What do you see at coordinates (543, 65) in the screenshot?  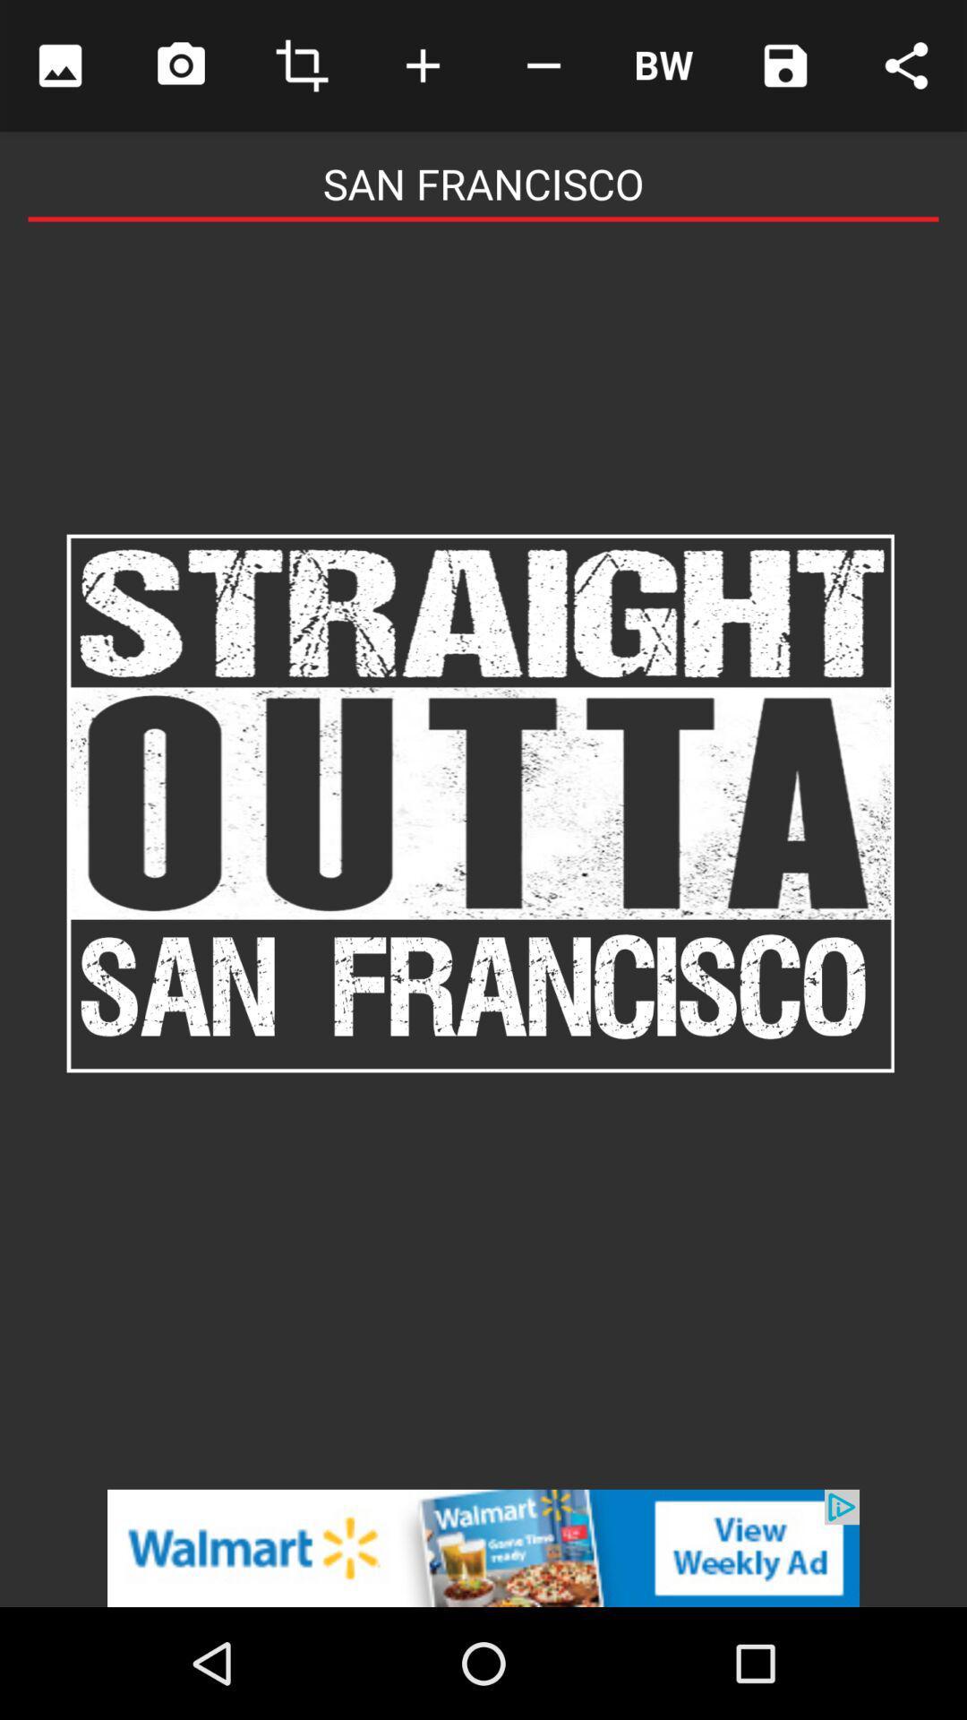 I see `the minus icon` at bounding box center [543, 65].